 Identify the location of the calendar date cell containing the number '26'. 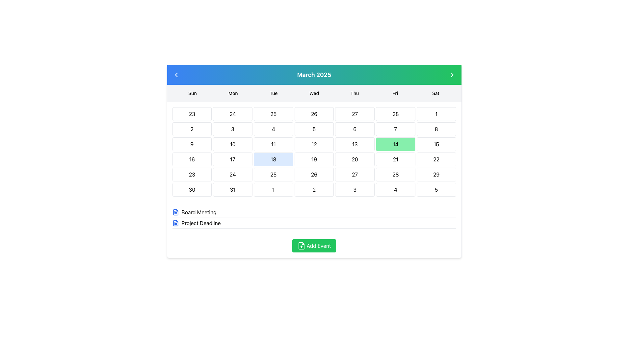
(314, 174).